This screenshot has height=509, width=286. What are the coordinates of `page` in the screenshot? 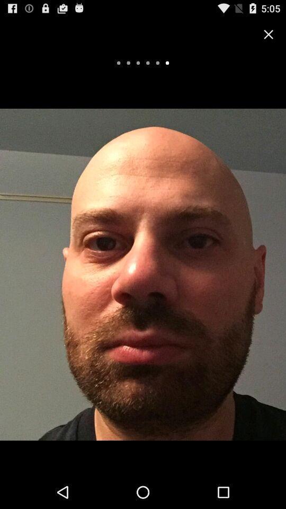 It's located at (269, 34).